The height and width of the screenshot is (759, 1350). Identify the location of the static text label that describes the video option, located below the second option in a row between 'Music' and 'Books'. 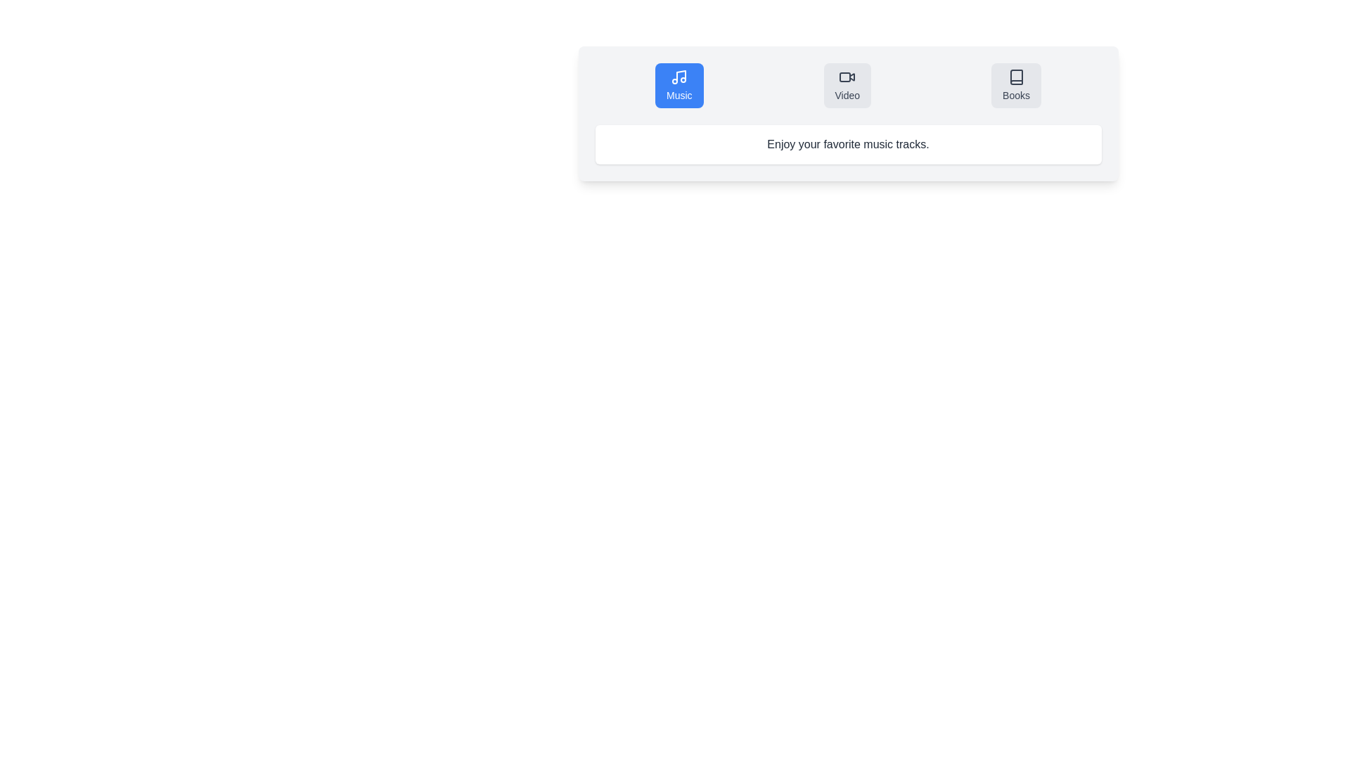
(847, 95).